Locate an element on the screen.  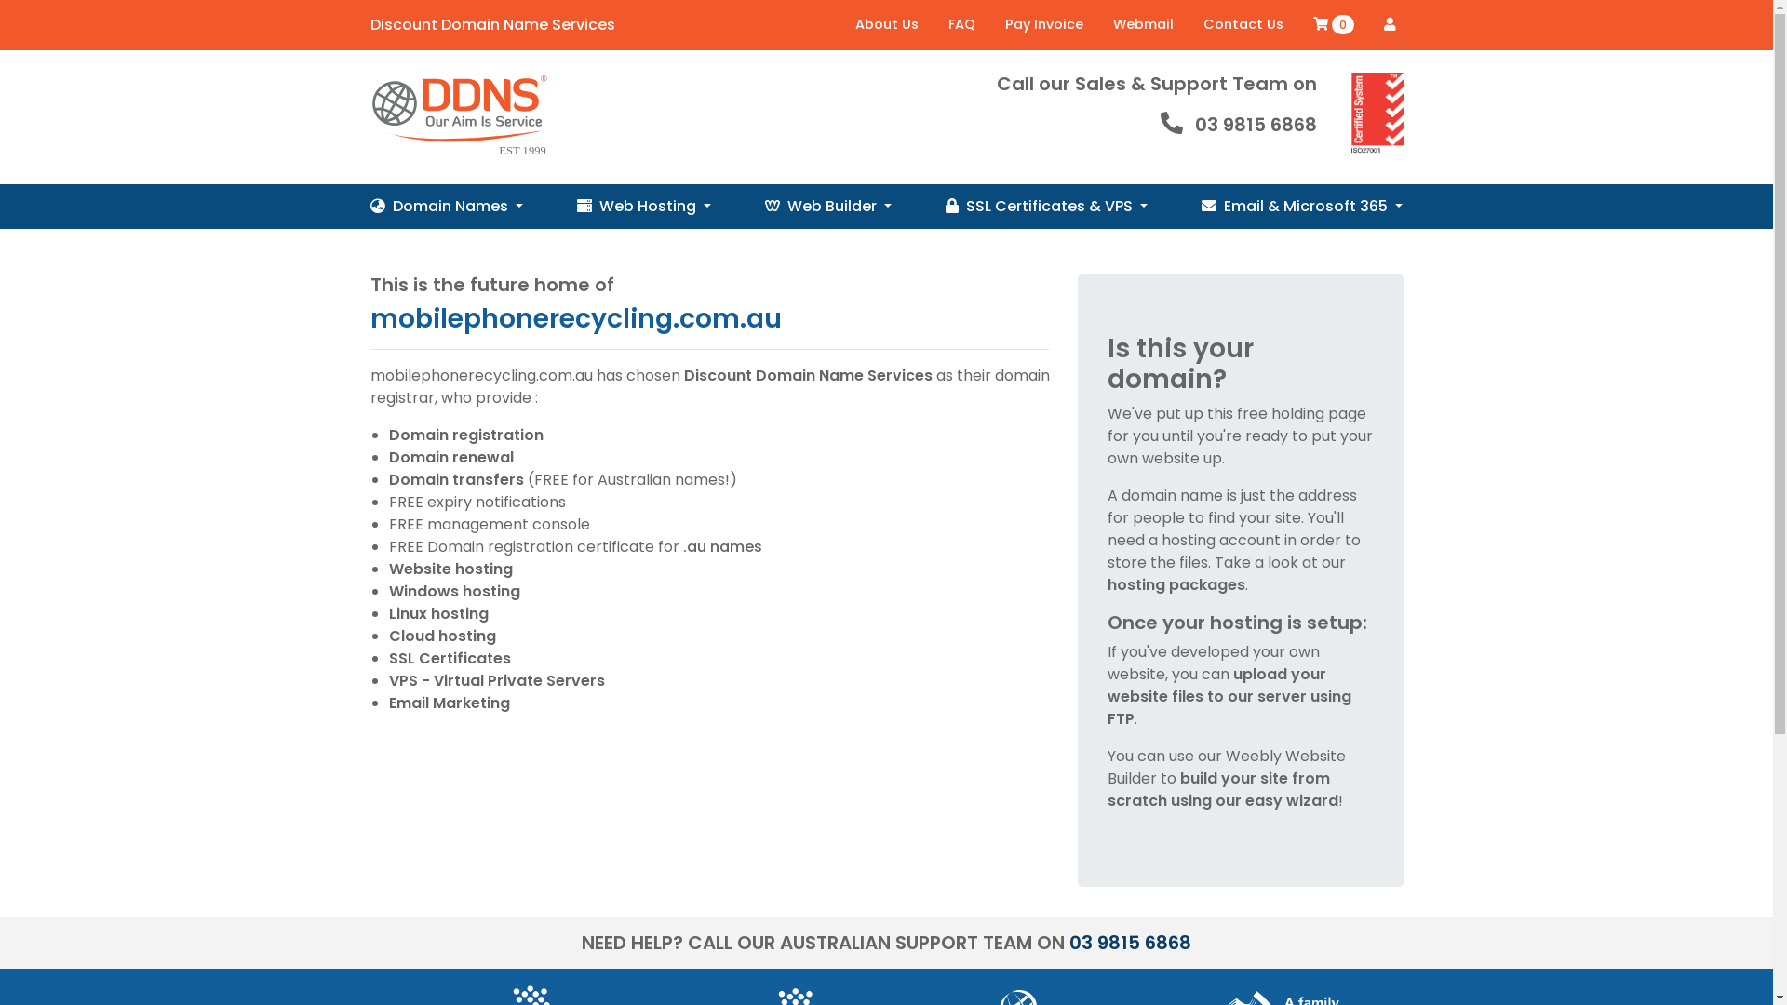
'Website hosting' is located at coordinates (450, 568).